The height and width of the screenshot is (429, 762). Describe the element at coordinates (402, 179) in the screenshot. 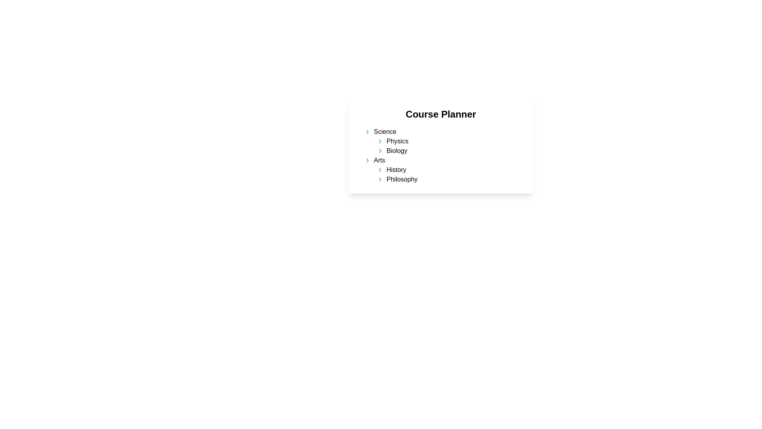

I see `the 'Philosophy' text label, which is styled in a standard sans-serif font and positioned next to a right-facing green arrow icon under the 'Arts' section` at that location.